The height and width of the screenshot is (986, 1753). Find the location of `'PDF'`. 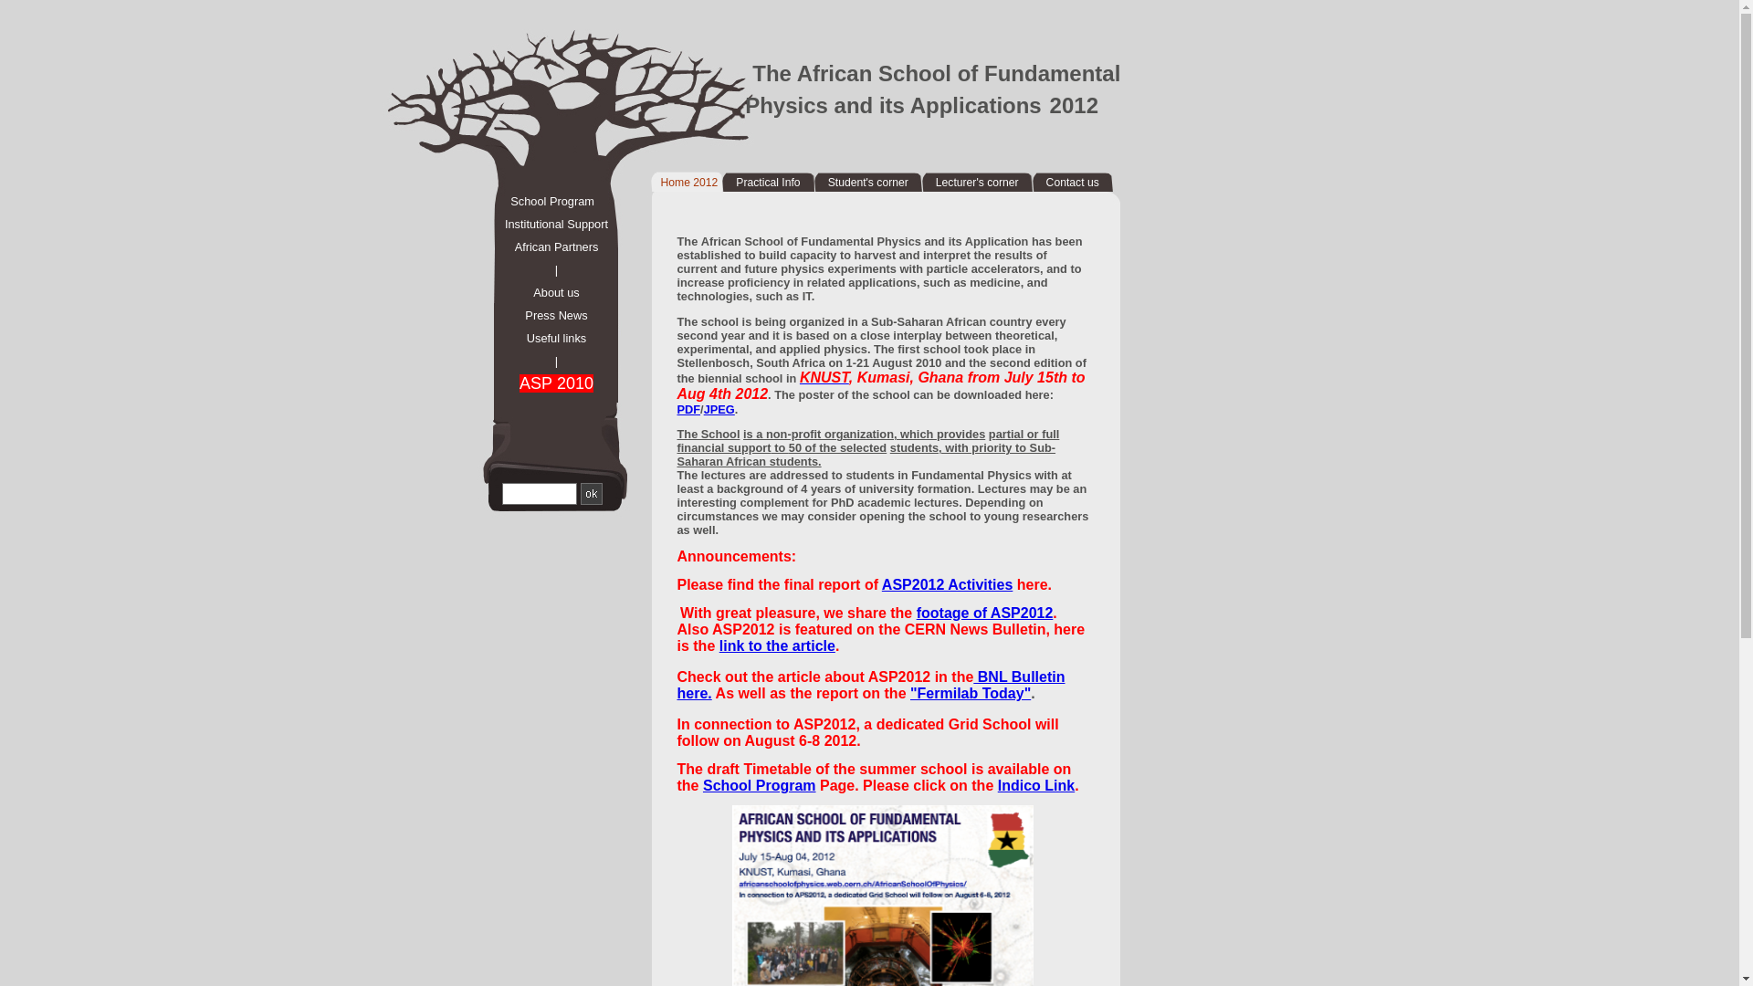

'PDF' is located at coordinates (688, 408).